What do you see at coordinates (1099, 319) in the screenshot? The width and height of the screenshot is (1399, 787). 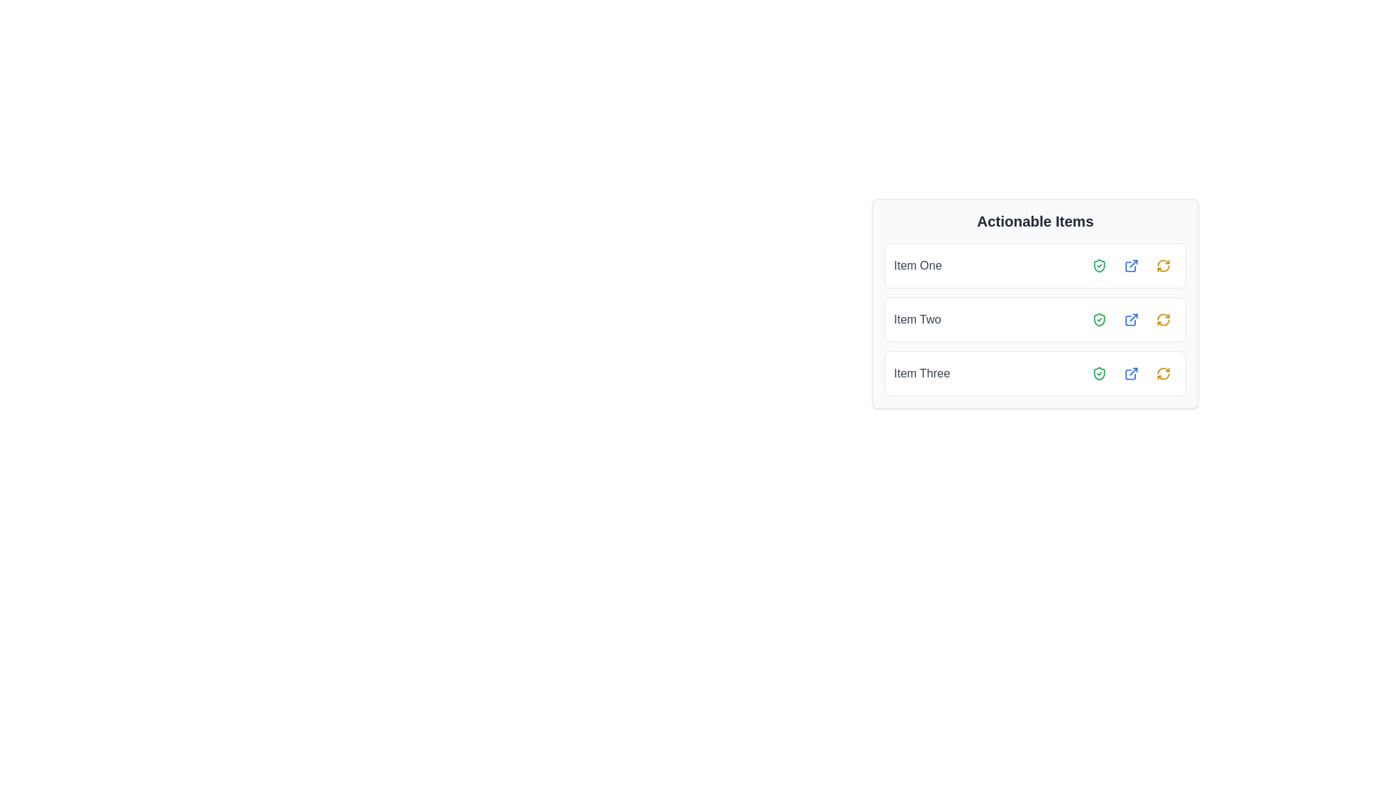 I see `the verification icon for 'Item Two' located in the 'Actionable Items' section` at bounding box center [1099, 319].